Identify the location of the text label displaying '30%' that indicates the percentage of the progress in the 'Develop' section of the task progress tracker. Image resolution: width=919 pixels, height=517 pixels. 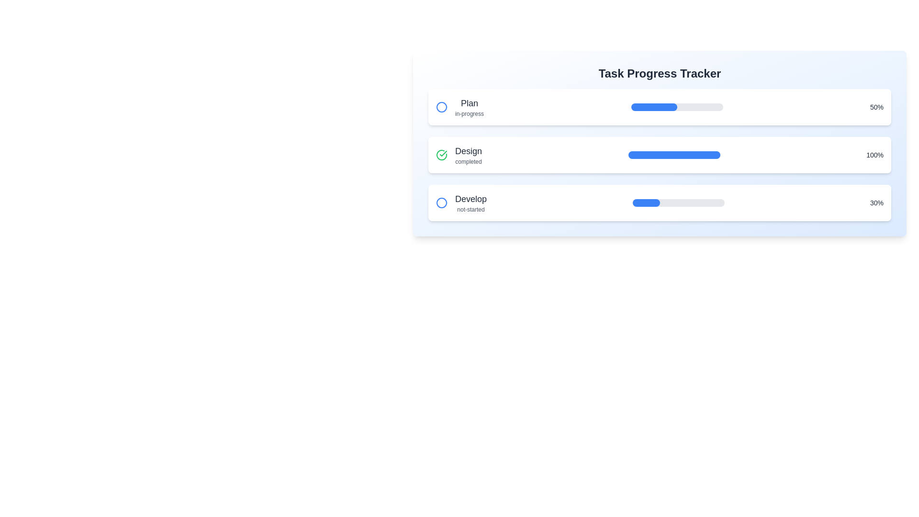
(877, 202).